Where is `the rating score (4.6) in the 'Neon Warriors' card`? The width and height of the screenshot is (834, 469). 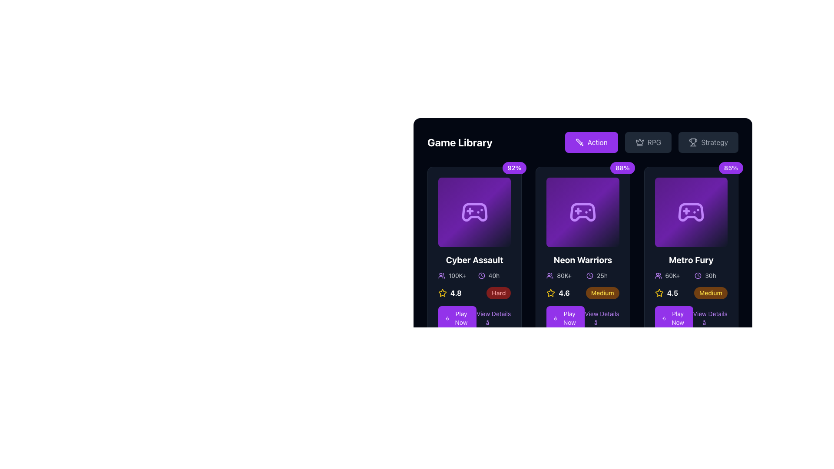
the rating score (4.6) in the 'Neon Warriors' card is located at coordinates (583, 293).